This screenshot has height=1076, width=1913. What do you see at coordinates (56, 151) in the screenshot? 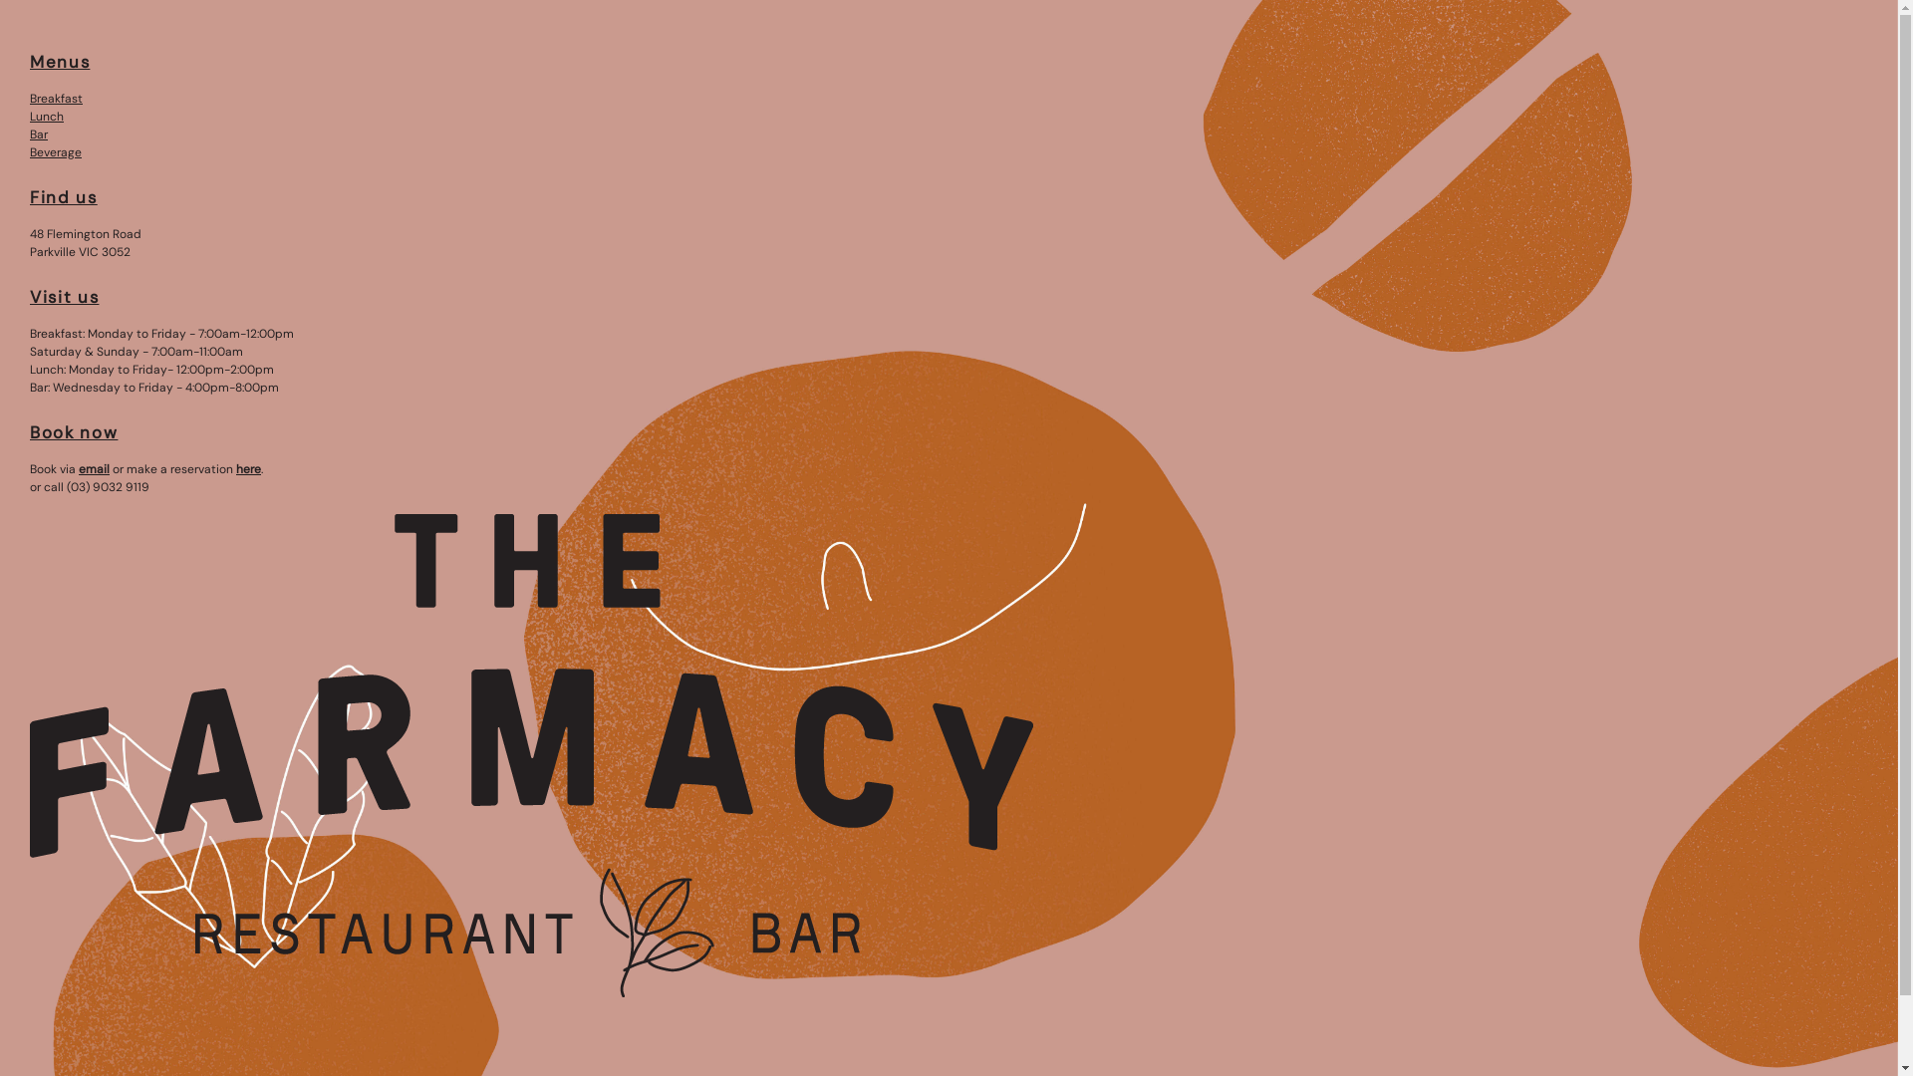
I see `'Beverage'` at bounding box center [56, 151].